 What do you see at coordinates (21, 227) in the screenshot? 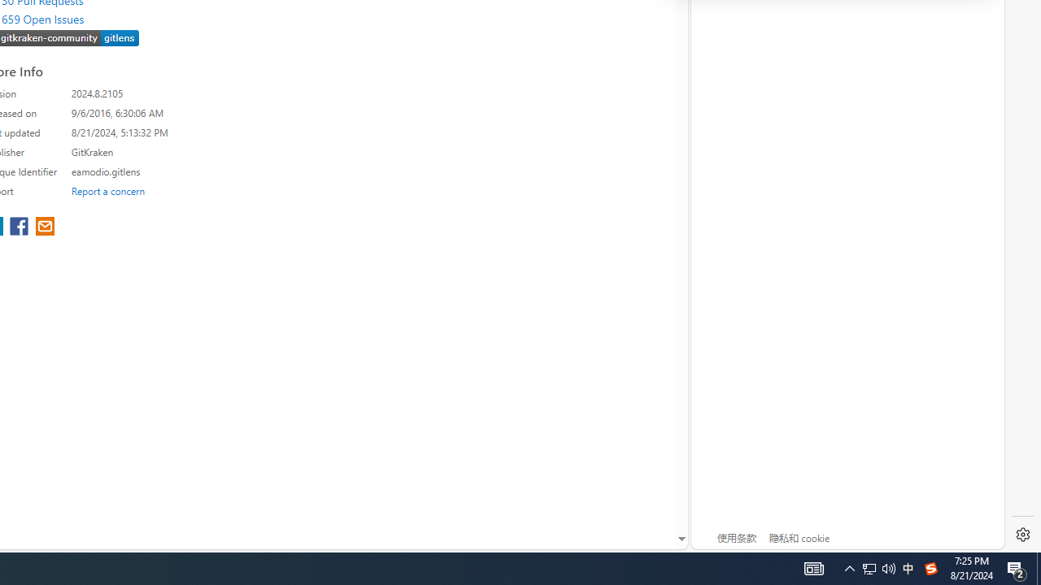
I see `'share extension on facebook'` at bounding box center [21, 227].